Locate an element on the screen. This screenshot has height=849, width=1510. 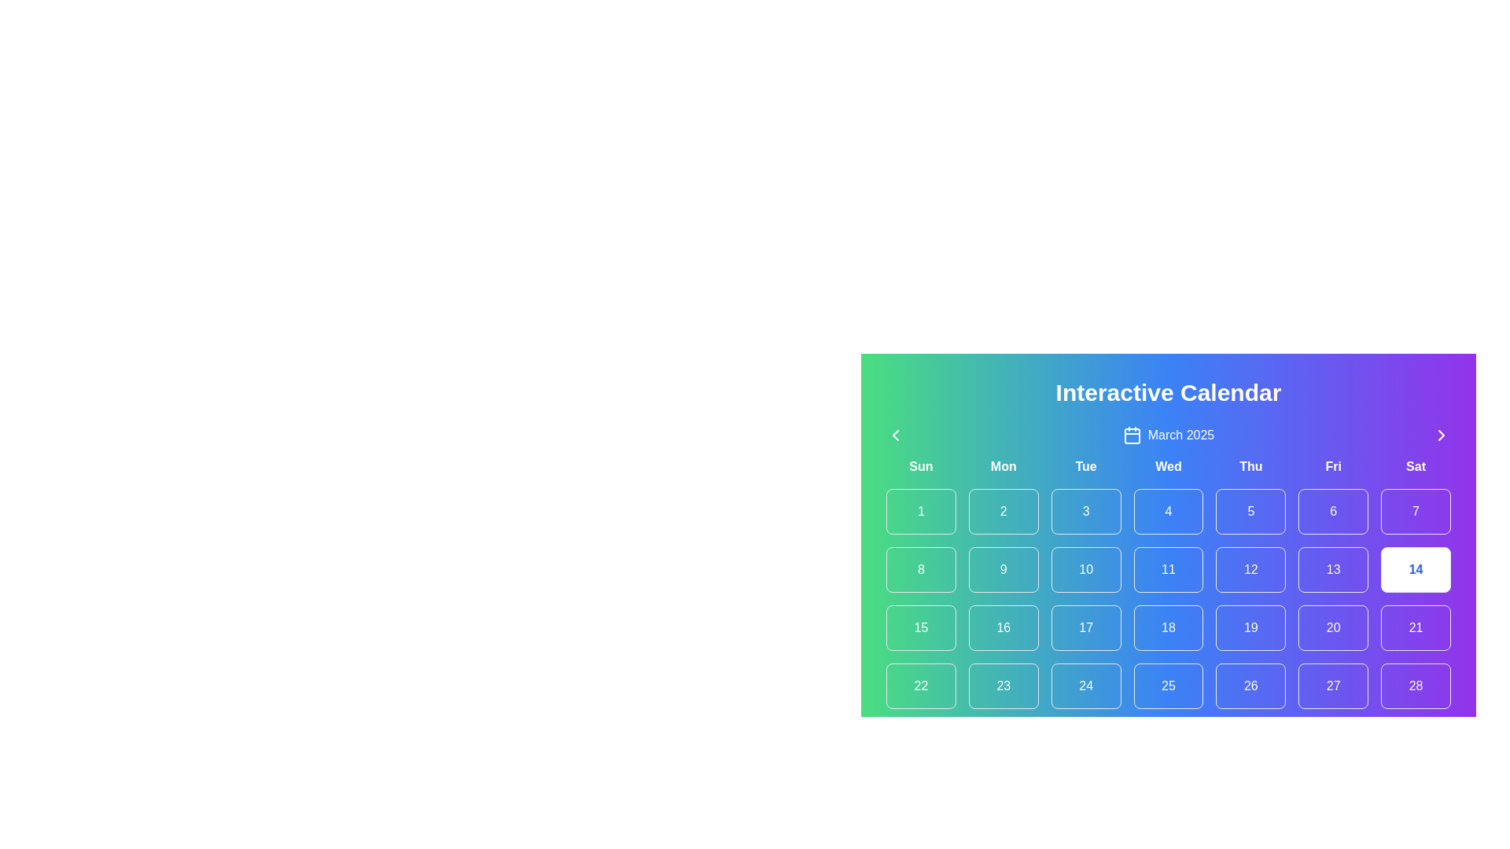
the calendar button displaying the date '18' is located at coordinates (1169, 627).